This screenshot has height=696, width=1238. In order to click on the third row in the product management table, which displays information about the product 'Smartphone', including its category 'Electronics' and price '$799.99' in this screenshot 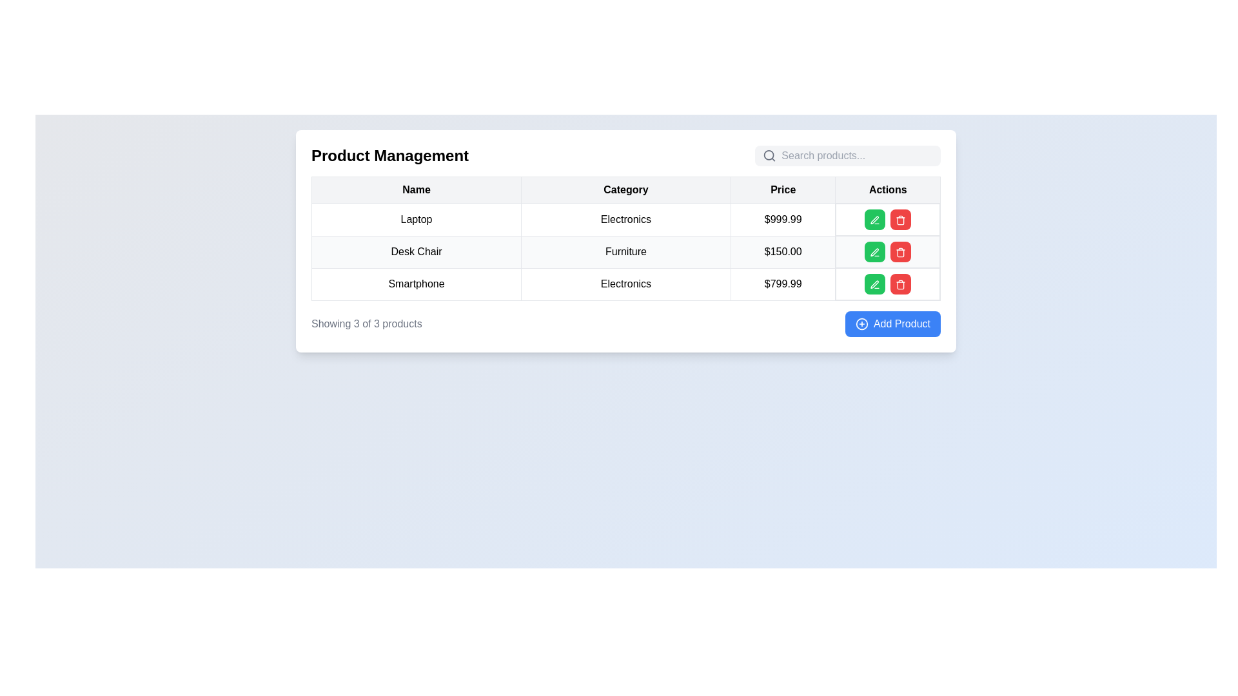, I will do `click(625, 283)`.